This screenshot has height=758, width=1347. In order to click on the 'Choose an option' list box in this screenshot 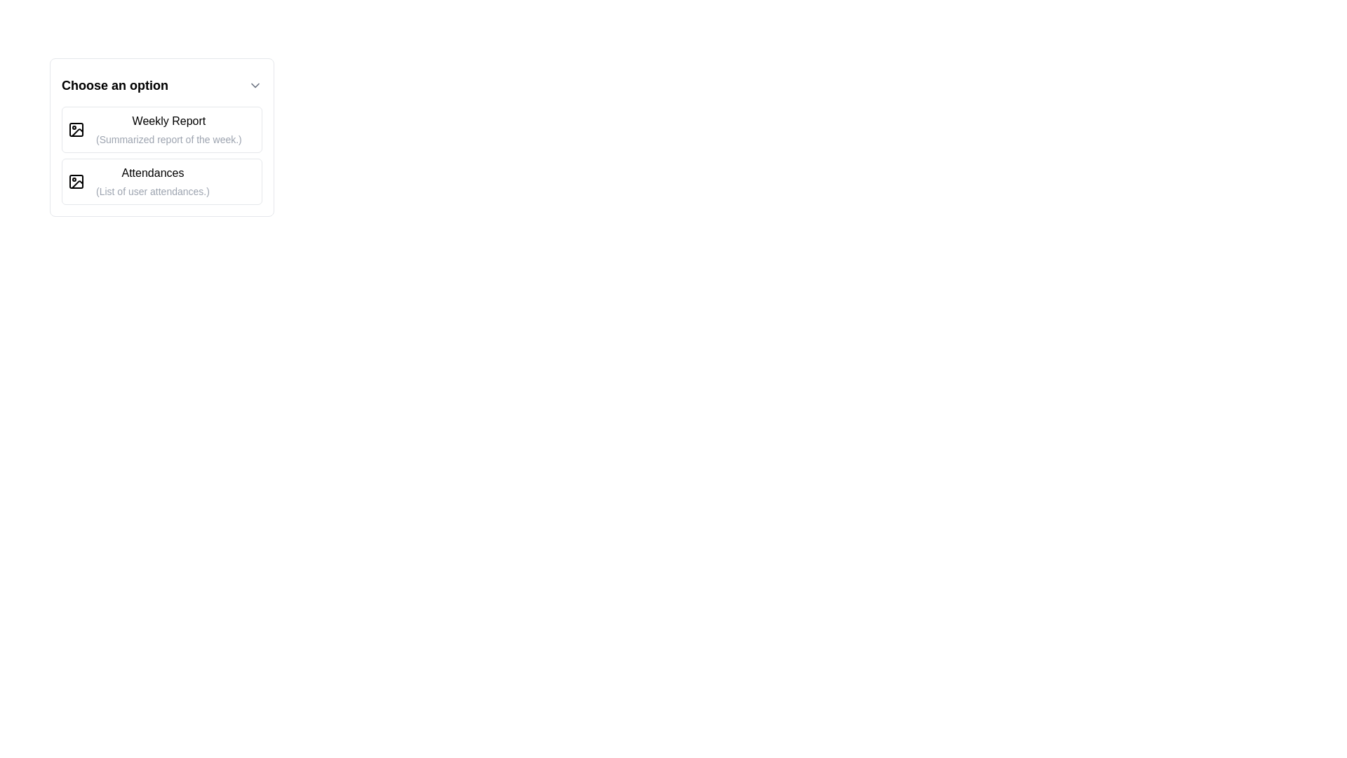, I will do `click(161, 138)`.